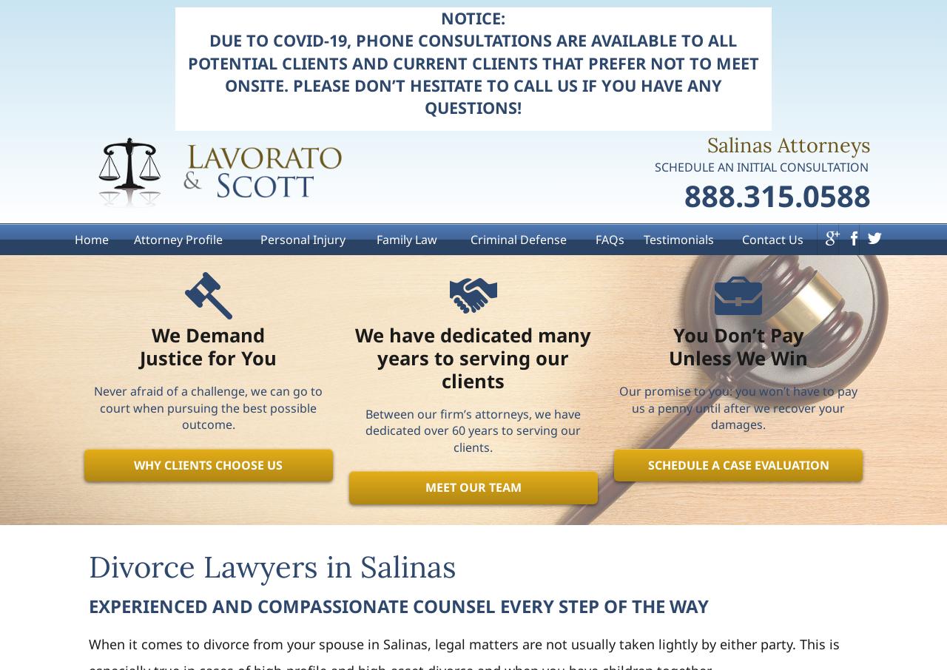 Image resolution: width=947 pixels, height=670 pixels. I want to click on 'Between our firm’s attorneys, we have dedicated over 60 years to serving our clients.', so click(472, 430).